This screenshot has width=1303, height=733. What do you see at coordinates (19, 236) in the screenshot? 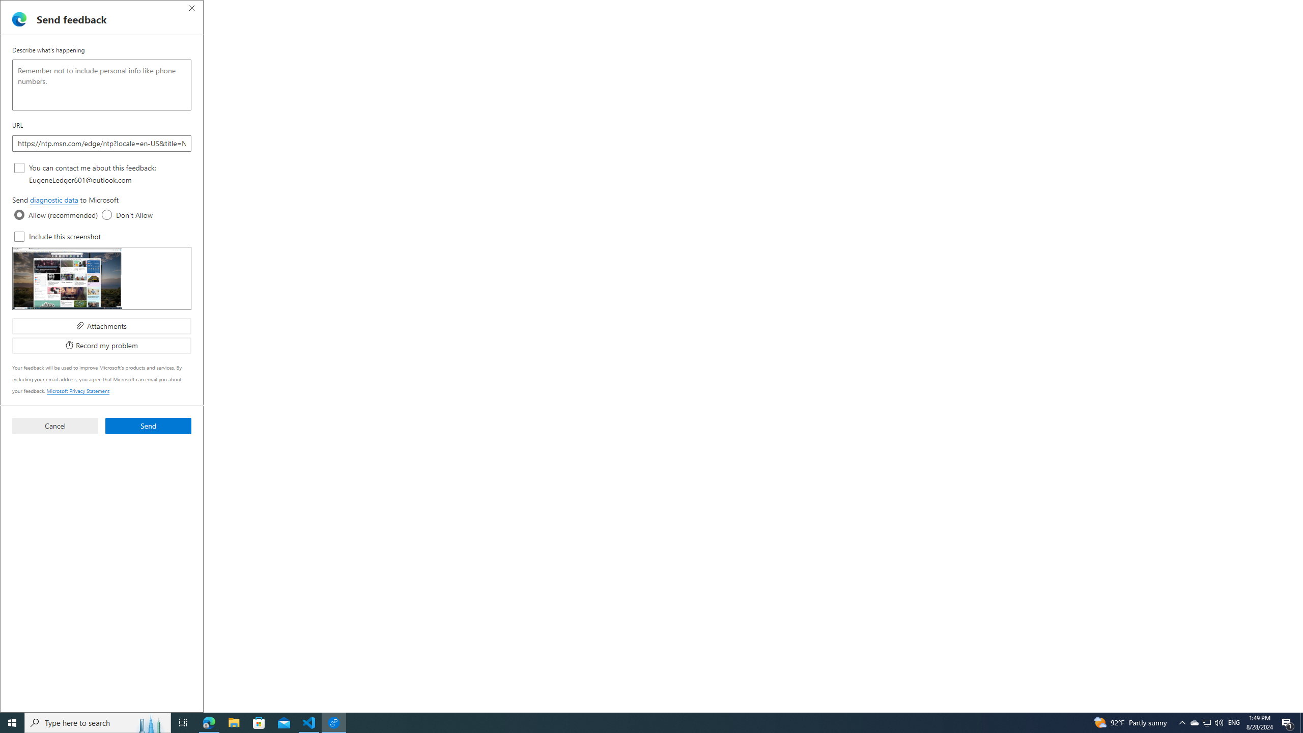
I see `'Include this screenshot'` at bounding box center [19, 236].